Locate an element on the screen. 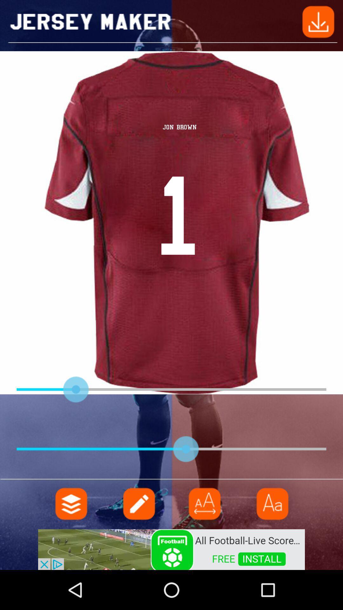 Image resolution: width=343 pixels, height=610 pixels. advertisement is located at coordinates (171, 549).